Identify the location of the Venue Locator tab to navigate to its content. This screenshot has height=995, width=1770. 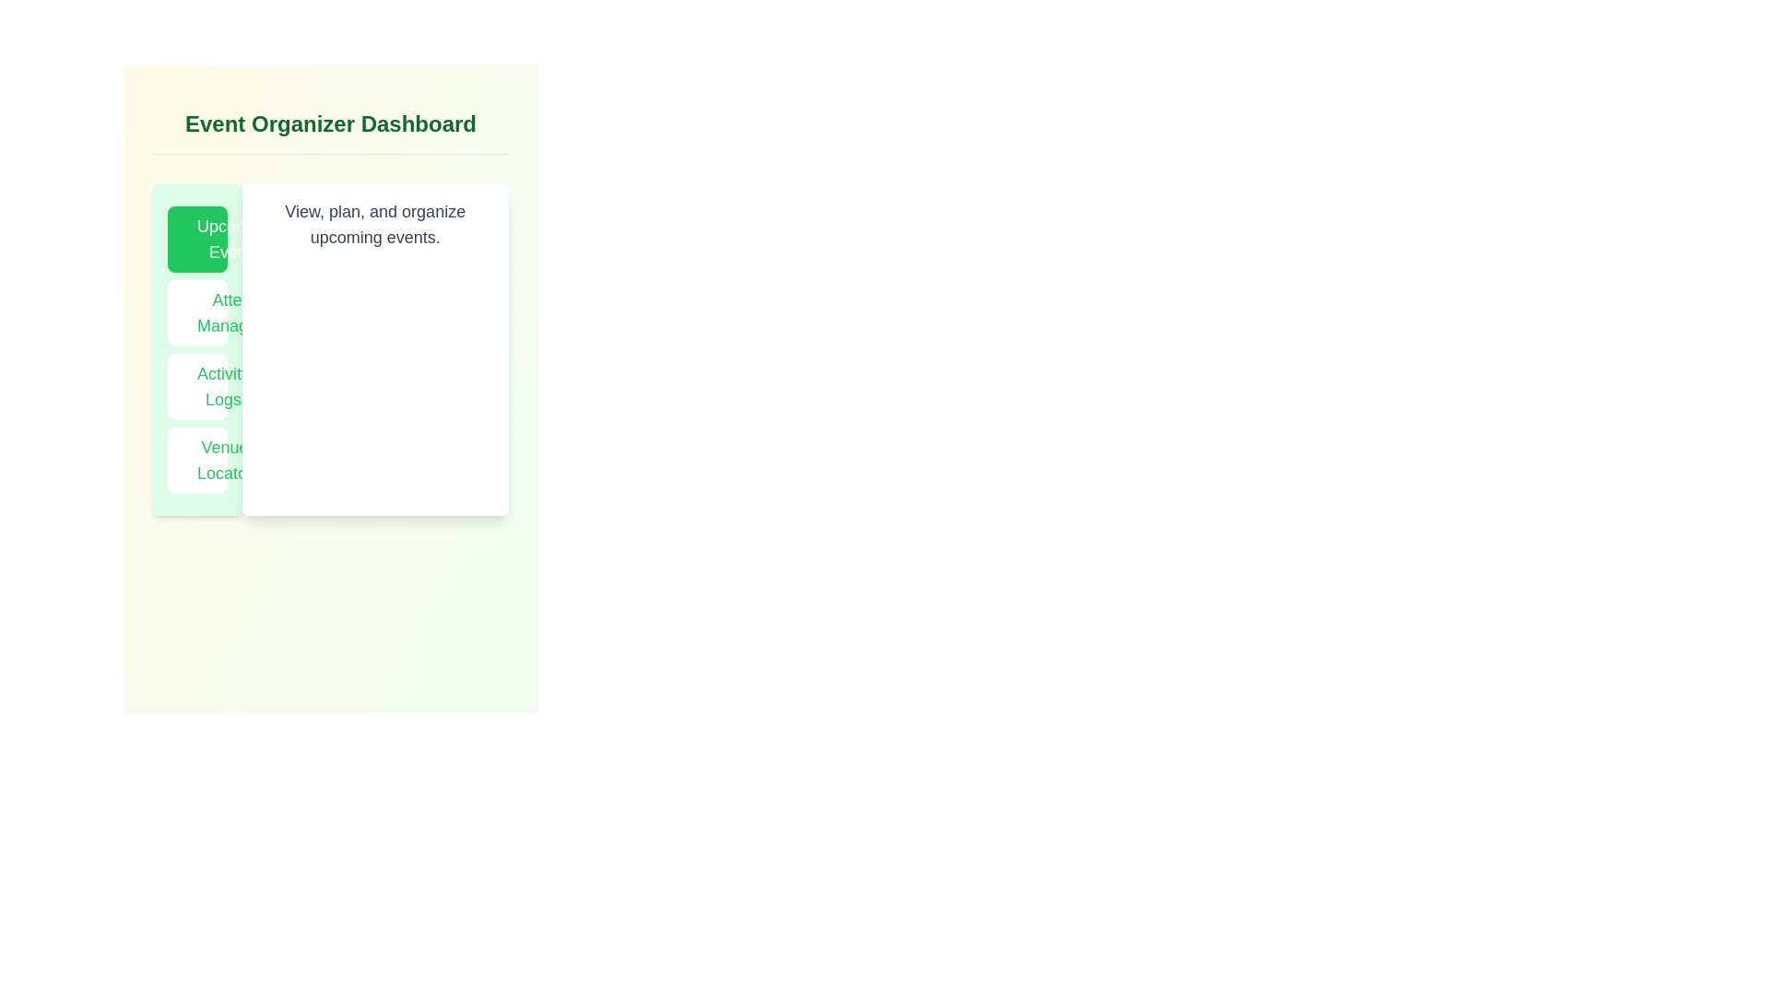
(197, 460).